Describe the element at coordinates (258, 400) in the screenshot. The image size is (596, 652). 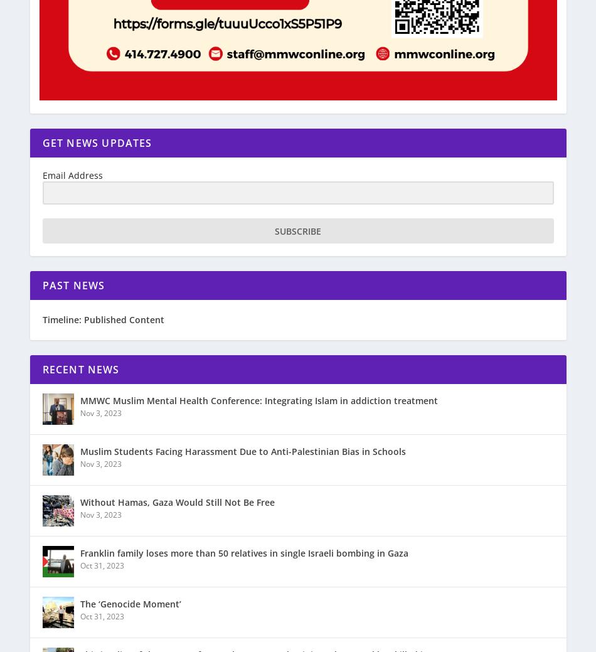
I see `'MMWC Muslim Mental Health Conference: Integrating Islam in addiction treatment'` at that location.